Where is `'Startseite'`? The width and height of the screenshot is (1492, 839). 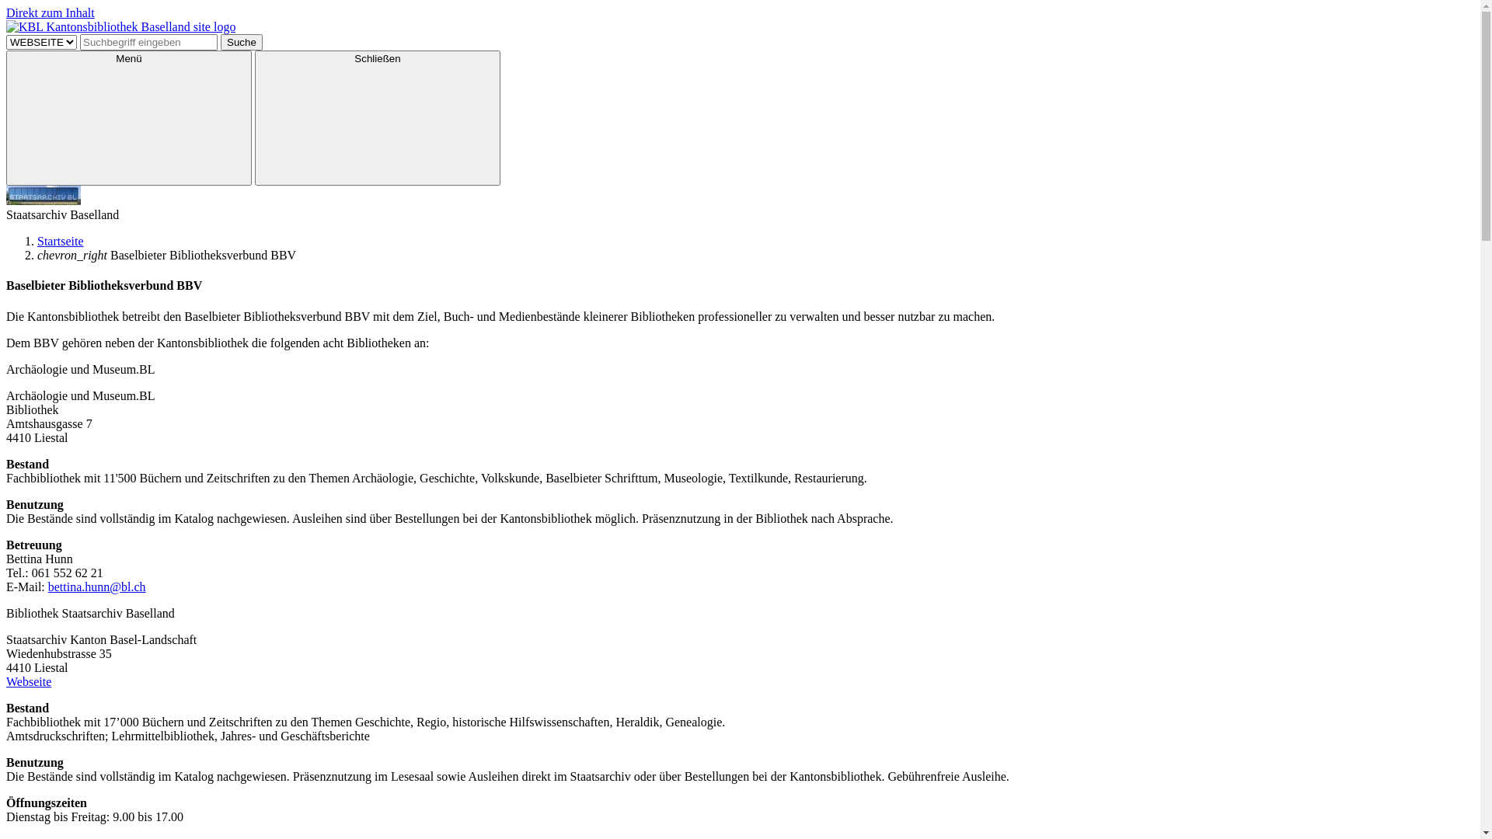 'Startseite' is located at coordinates (37, 241).